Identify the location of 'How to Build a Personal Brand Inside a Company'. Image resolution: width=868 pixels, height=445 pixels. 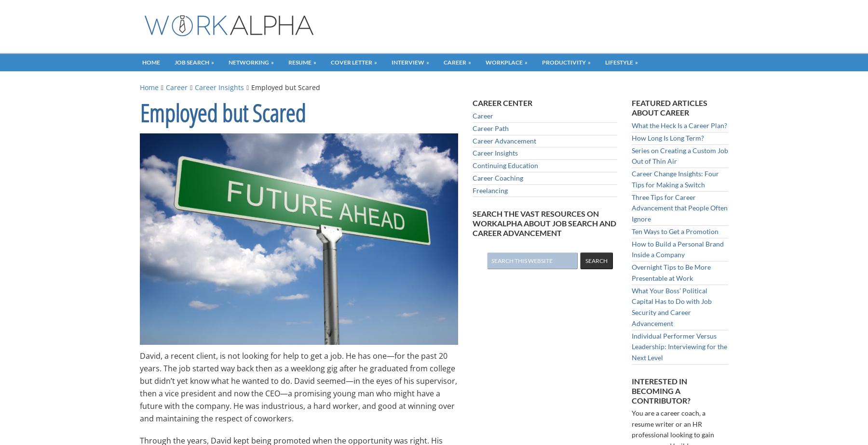
(677, 249).